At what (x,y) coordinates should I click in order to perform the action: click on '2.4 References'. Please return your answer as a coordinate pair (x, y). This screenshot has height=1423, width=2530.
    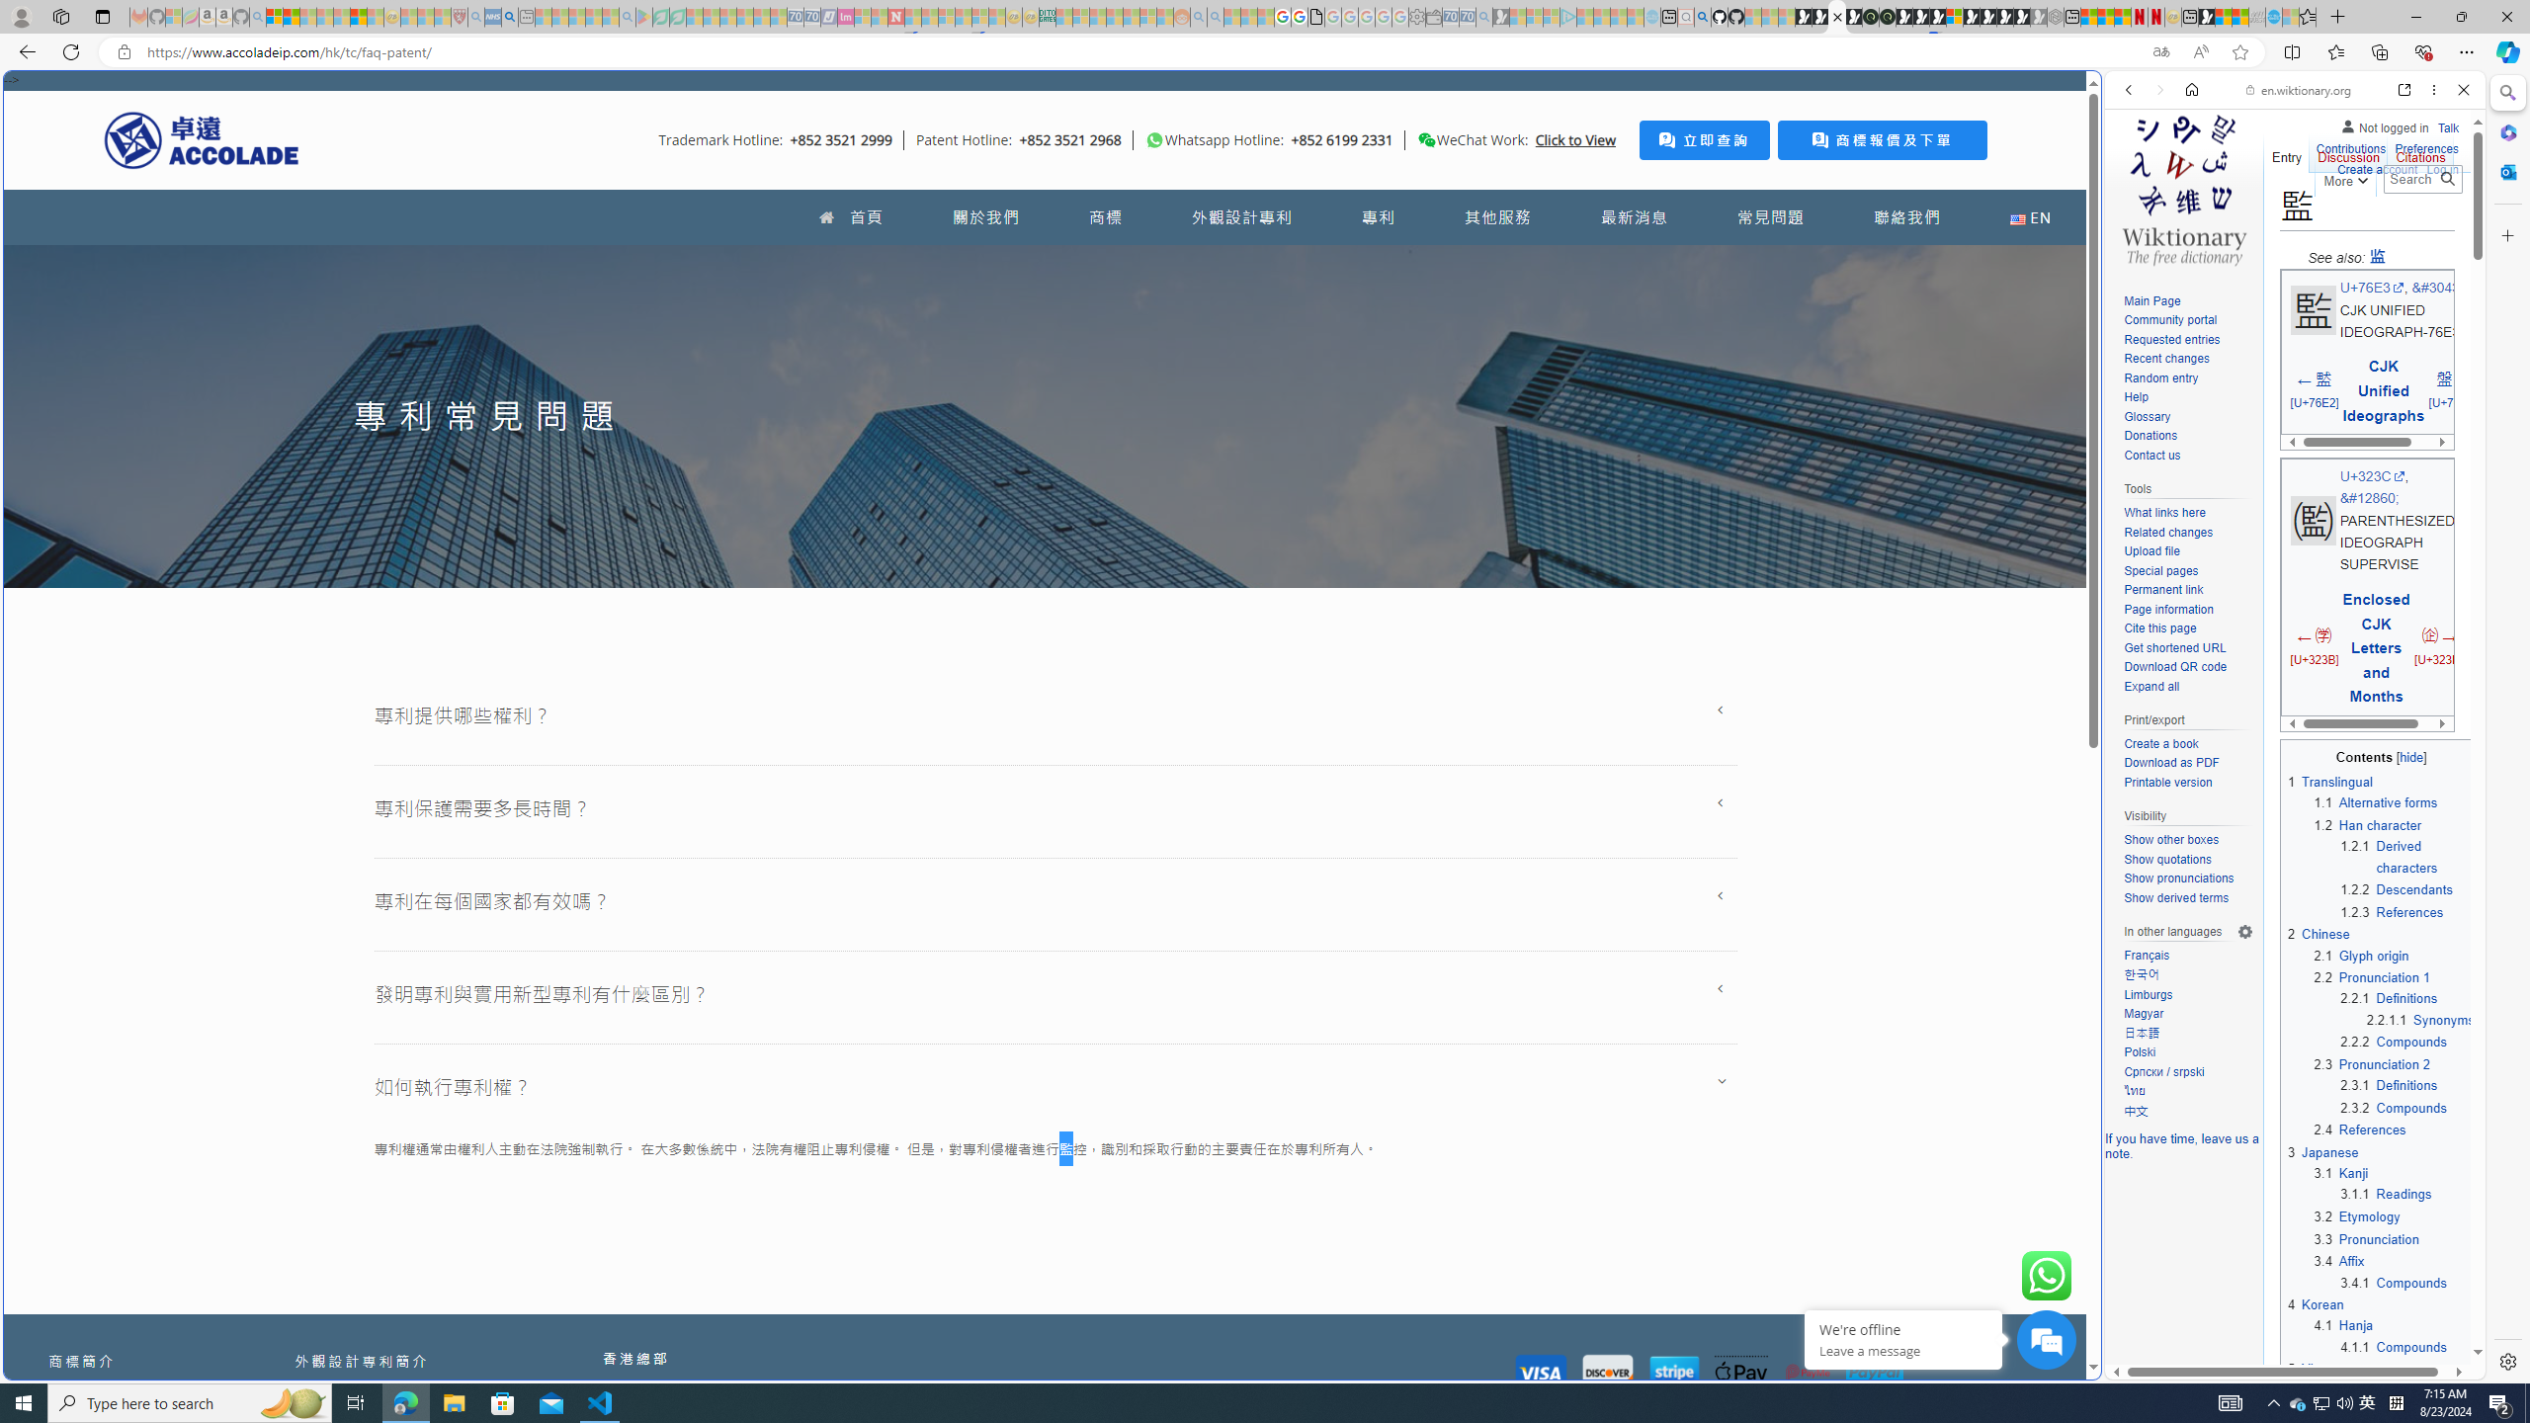
    Looking at the image, I should click on (2358, 1130).